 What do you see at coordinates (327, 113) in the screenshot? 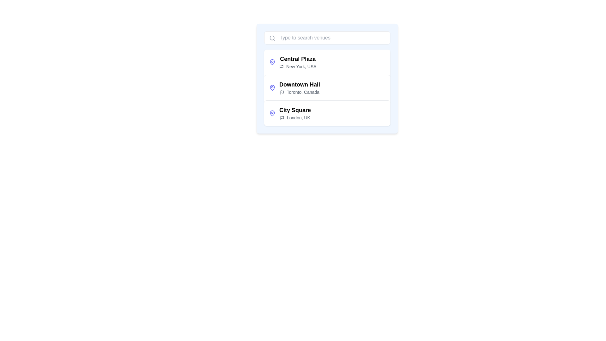
I see `the list item labeled 'City Square, London, UK', which is the third item in a vertical list` at bounding box center [327, 113].